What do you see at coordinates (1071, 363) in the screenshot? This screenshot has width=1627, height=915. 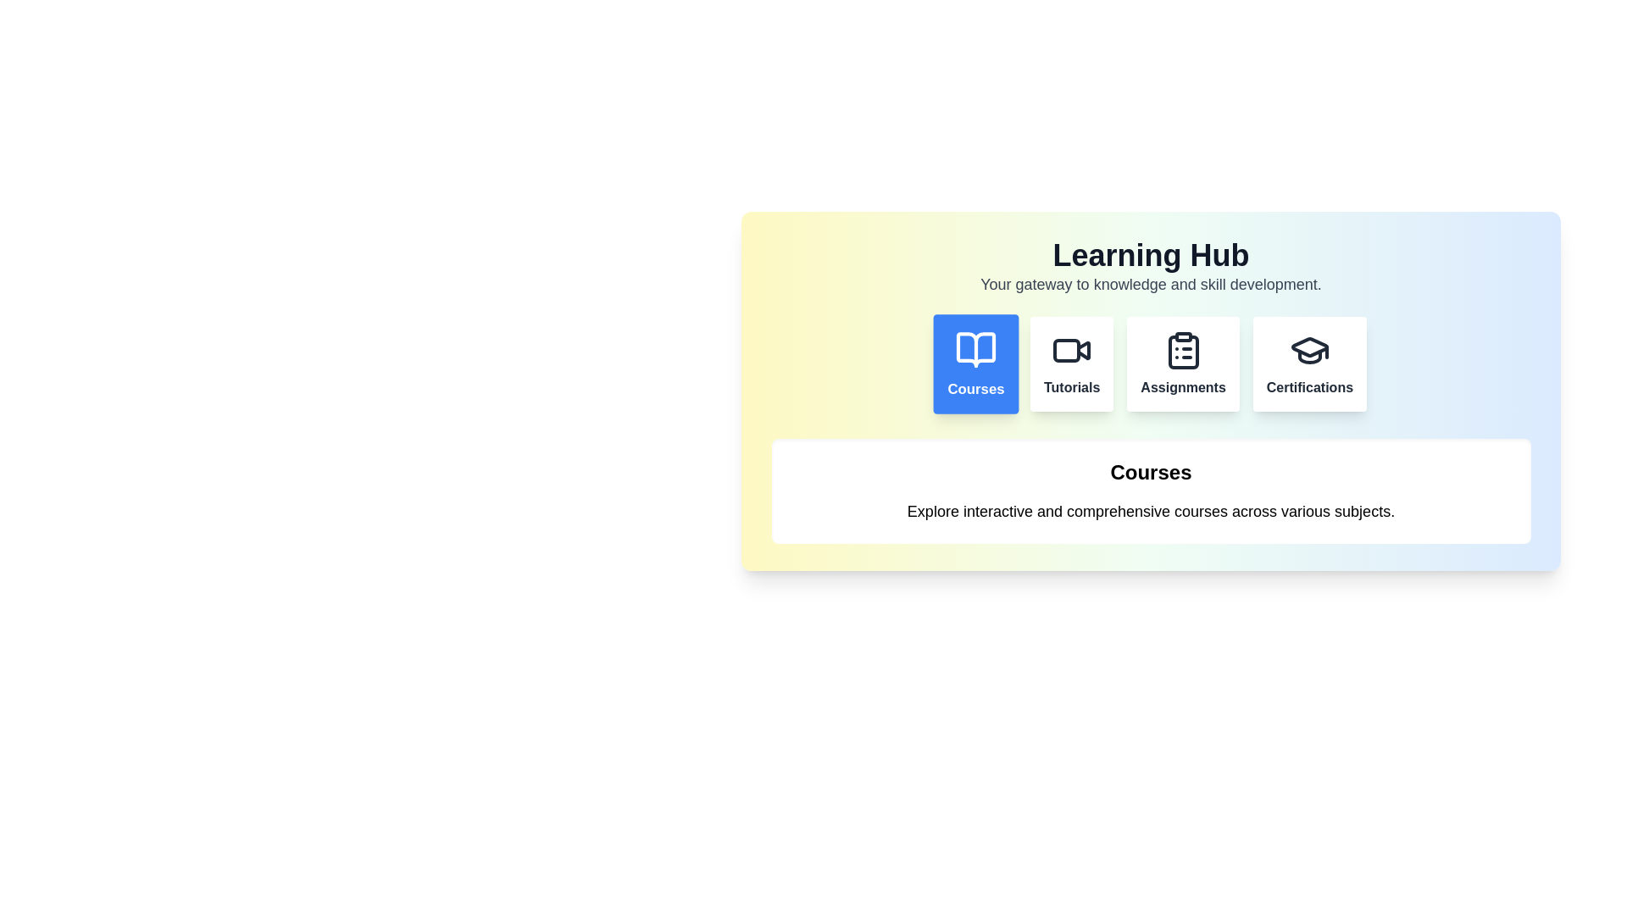 I see `the tab button labeled Tutorials to select it` at bounding box center [1071, 363].